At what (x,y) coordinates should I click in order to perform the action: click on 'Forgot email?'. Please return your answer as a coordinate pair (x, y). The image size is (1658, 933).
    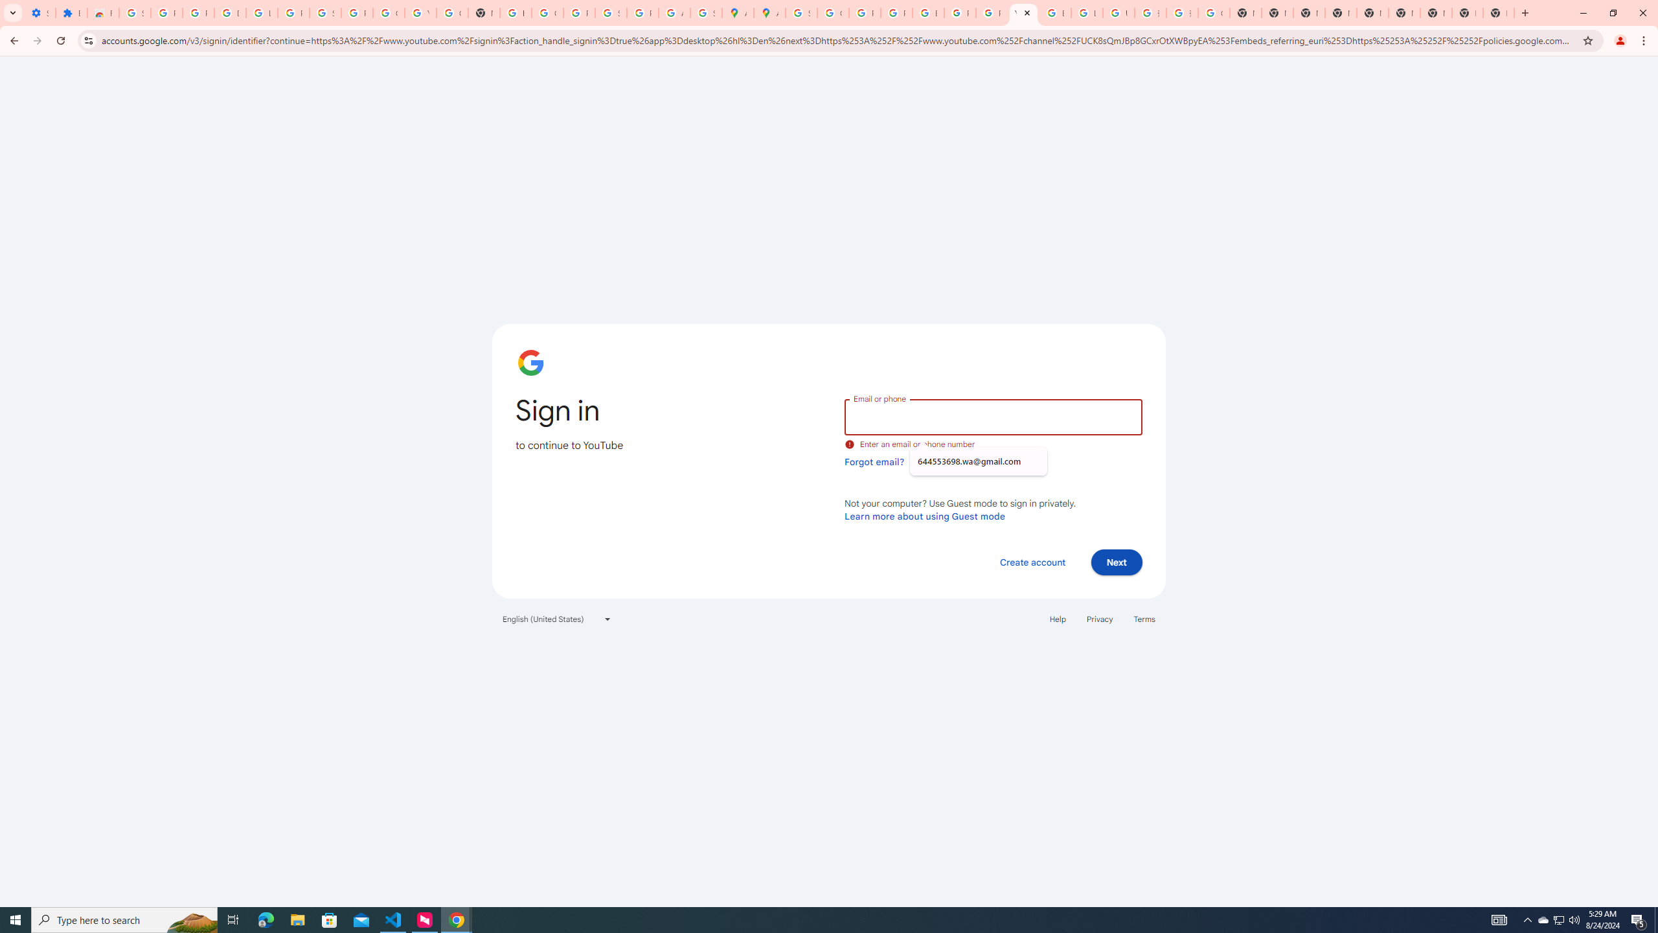
    Looking at the image, I should click on (874, 461).